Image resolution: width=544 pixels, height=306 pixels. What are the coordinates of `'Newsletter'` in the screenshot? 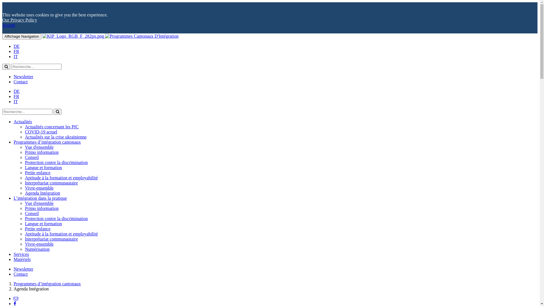 It's located at (23, 76).